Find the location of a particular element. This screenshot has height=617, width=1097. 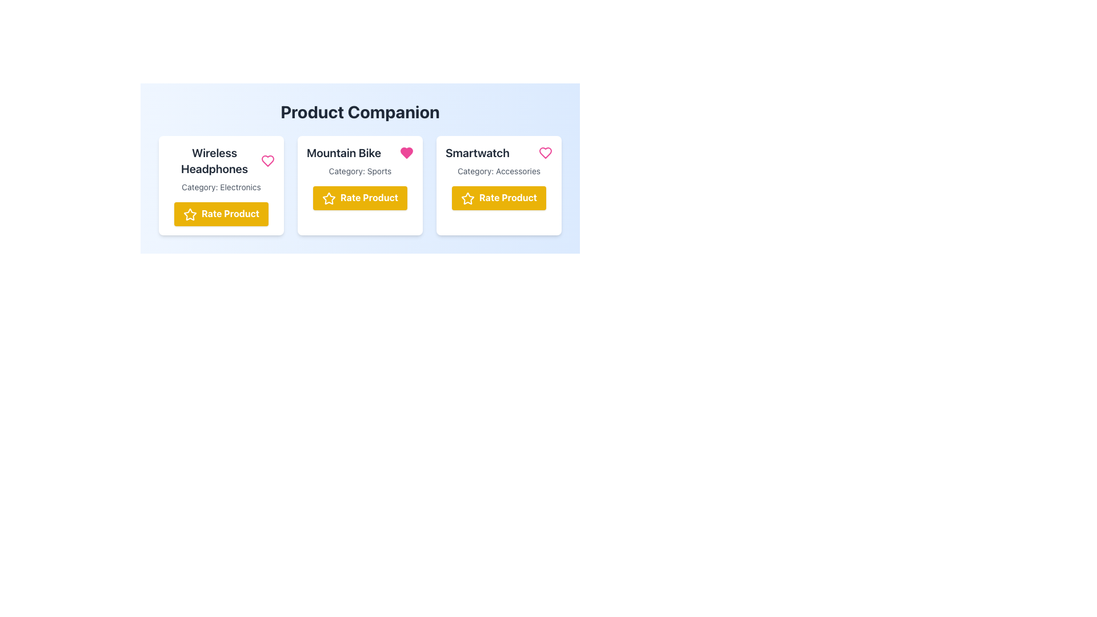

the text label displaying 'Category: Accessories', which is located below the title 'Smartwatch' within the card is located at coordinates (499, 171).